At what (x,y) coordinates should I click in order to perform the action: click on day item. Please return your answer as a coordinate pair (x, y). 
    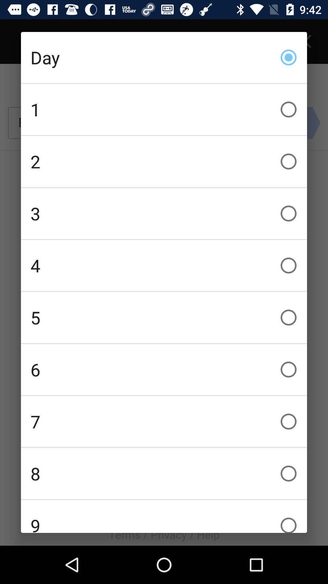
    Looking at the image, I should click on (164, 57).